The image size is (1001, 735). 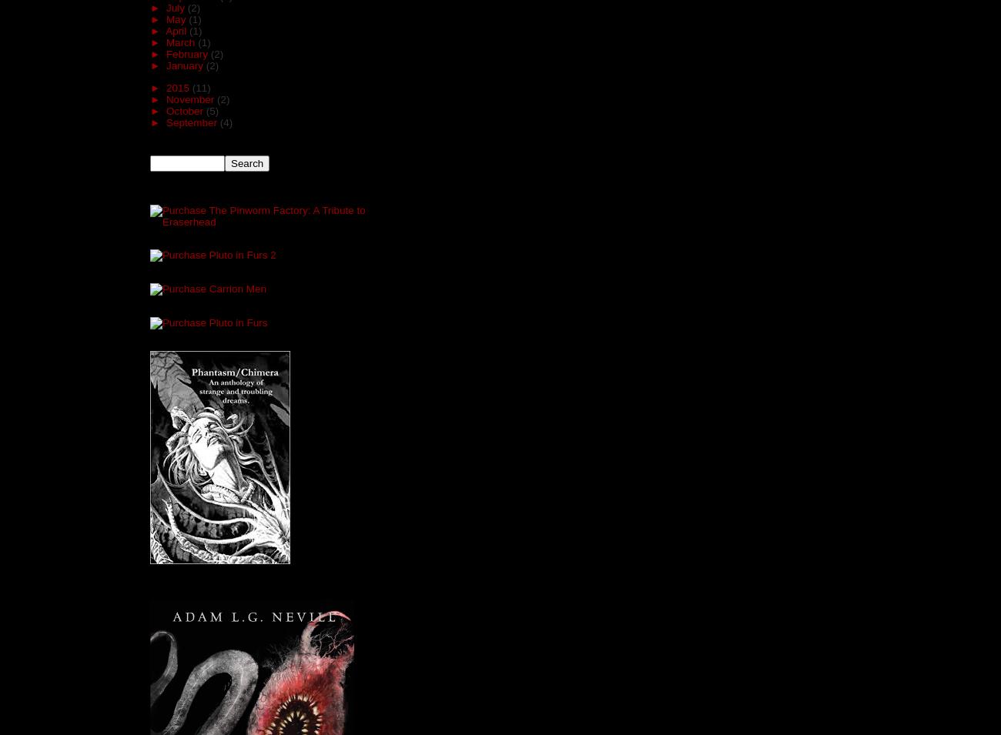 I want to click on 'January', so click(x=185, y=65).